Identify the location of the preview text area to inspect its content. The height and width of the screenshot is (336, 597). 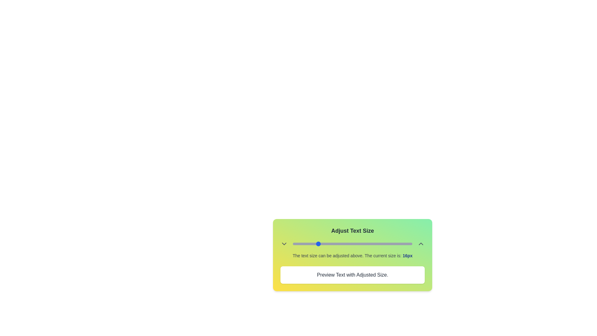
(352, 274).